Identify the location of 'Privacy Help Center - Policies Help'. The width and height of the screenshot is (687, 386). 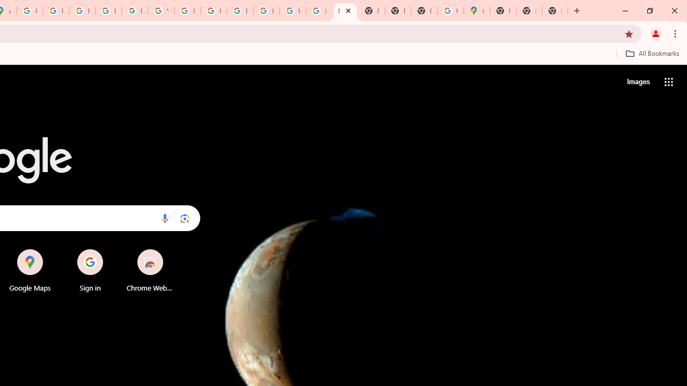
(82, 11).